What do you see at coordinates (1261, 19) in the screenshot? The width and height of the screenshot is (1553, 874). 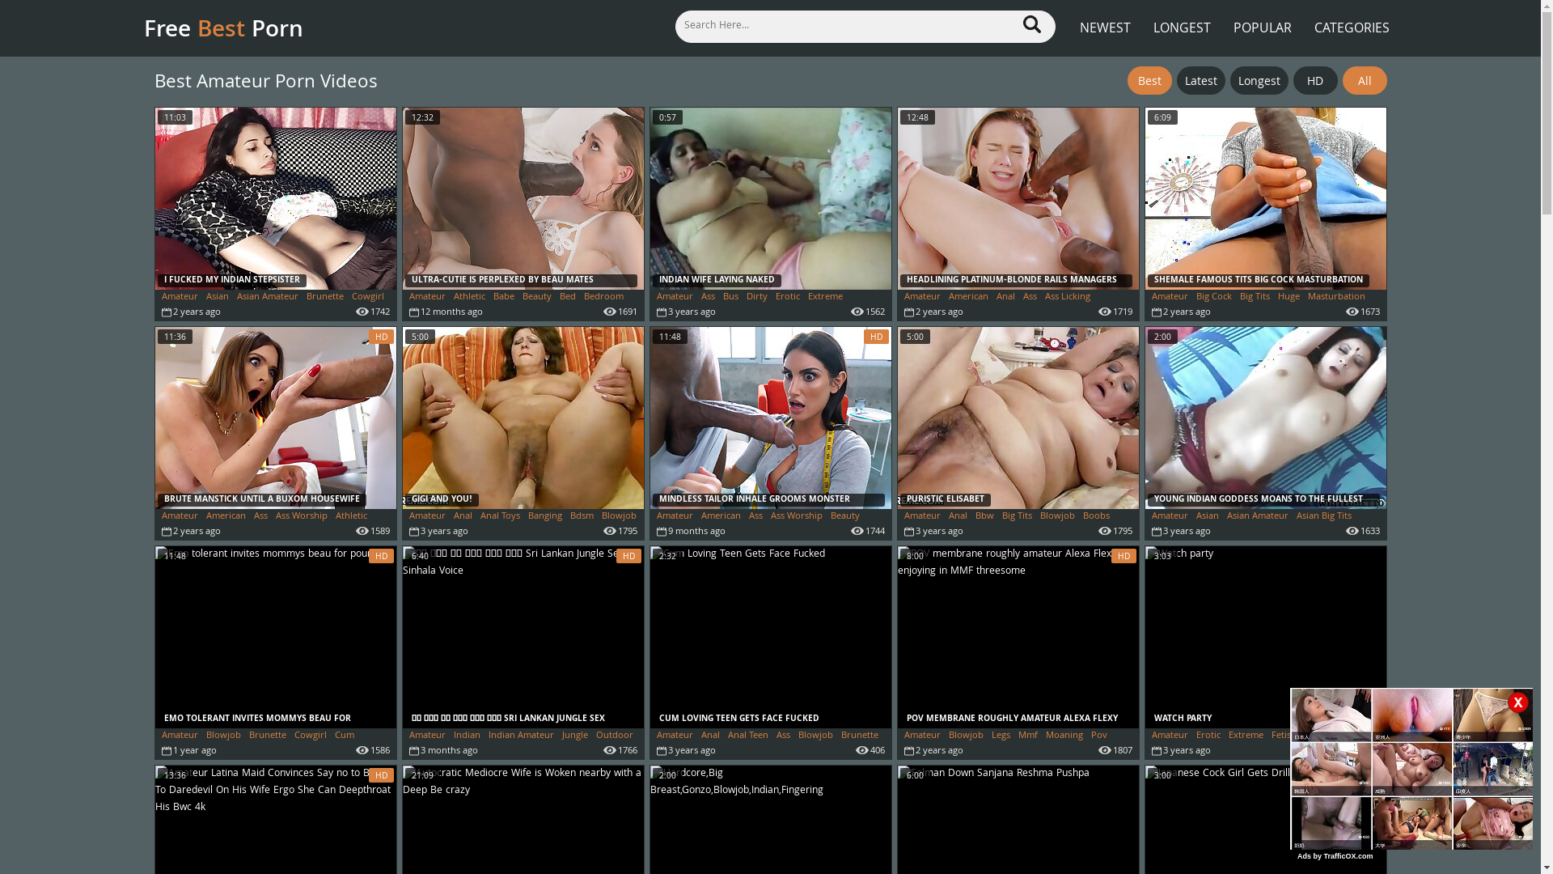 I see `'POPULAR'` at bounding box center [1261, 19].